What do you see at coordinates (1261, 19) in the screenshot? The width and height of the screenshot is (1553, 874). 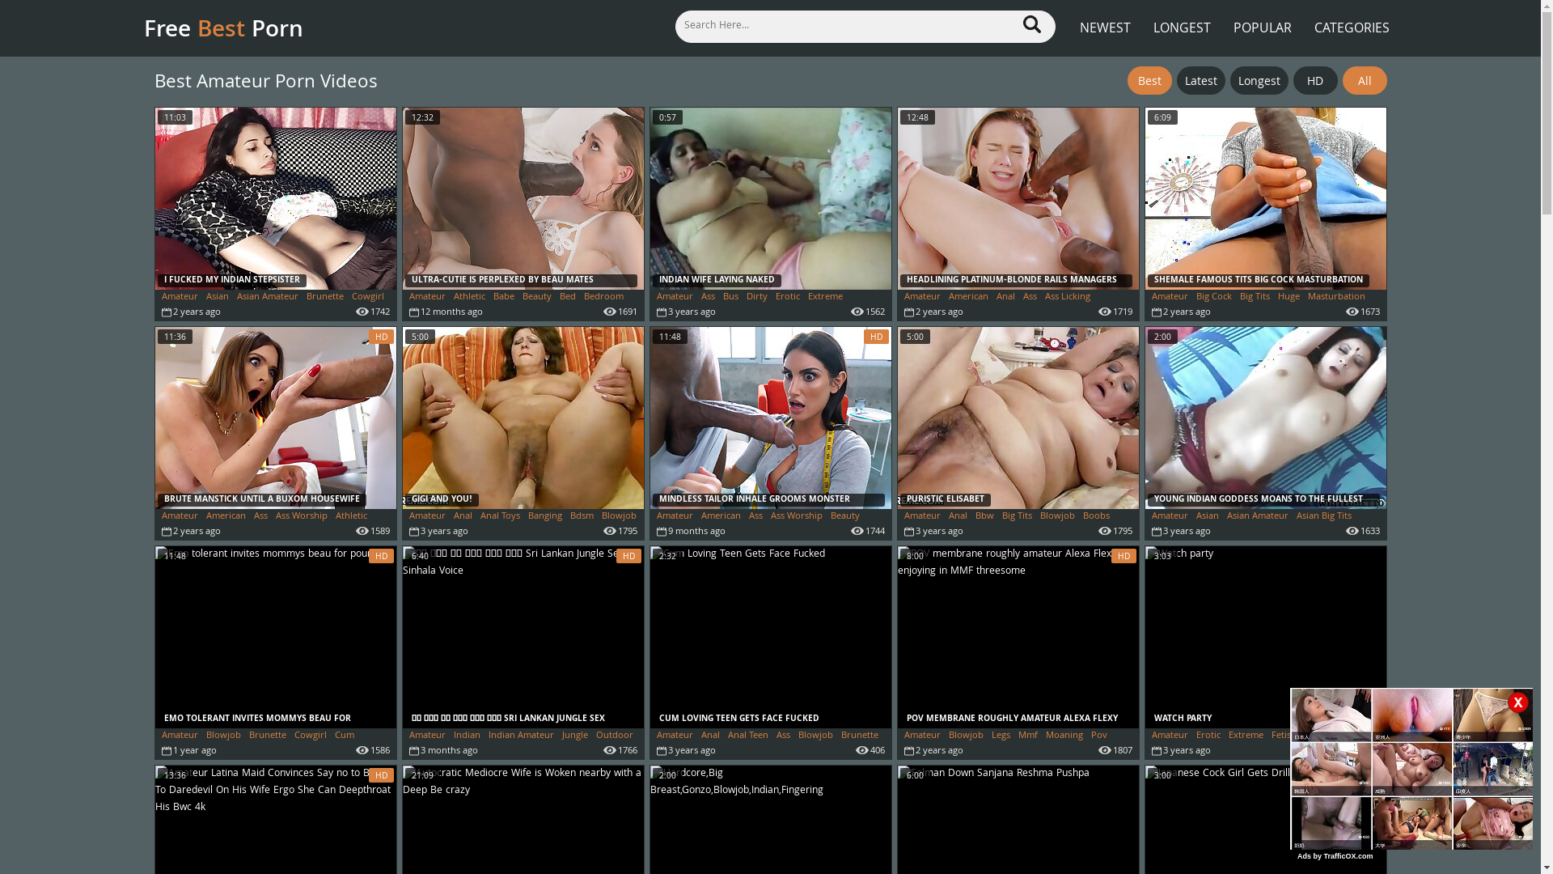 I see `'POPULAR'` at bounding box center [1261, 19].